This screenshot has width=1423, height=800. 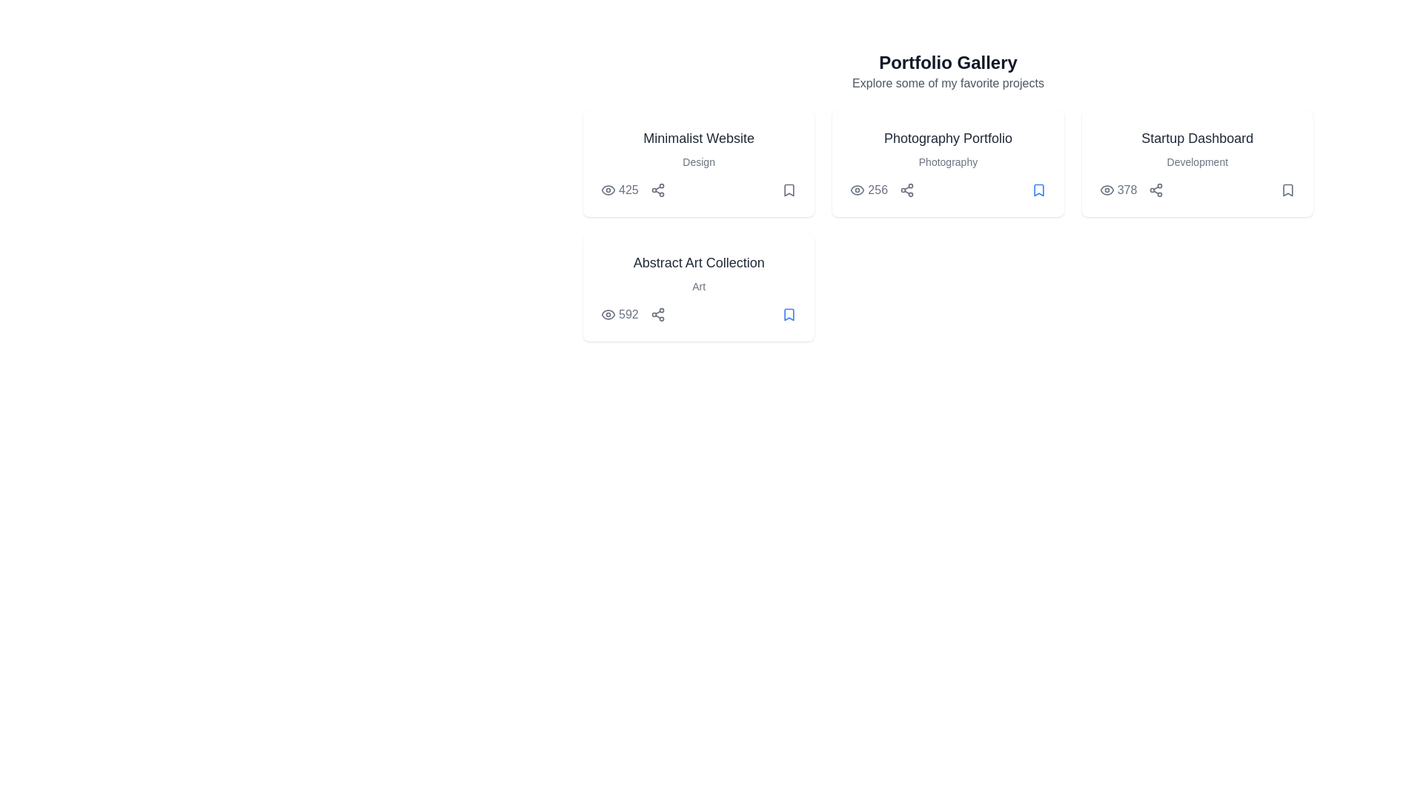 What do you see at coordinates (1130, 190) in the screenshot?
I see `the view counter element located in the top-right area of the 'Startup Dashboard' card, which displays the view count metrics` at bounding box center [1130, 190].